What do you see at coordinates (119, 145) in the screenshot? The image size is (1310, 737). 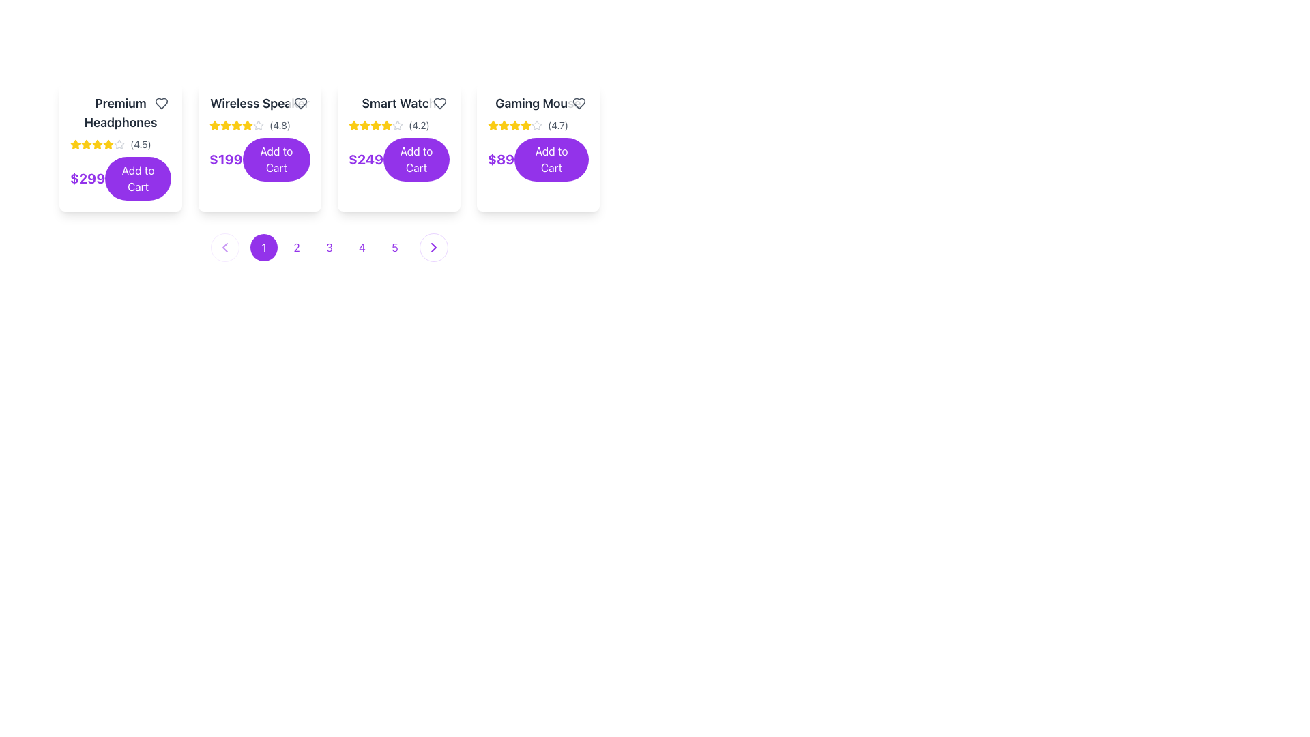 I see `the fifth gray star icon used for rating purposes, located below the title 'Premium Headphones' in the first card of the collection` at bounding box center [119, 145].